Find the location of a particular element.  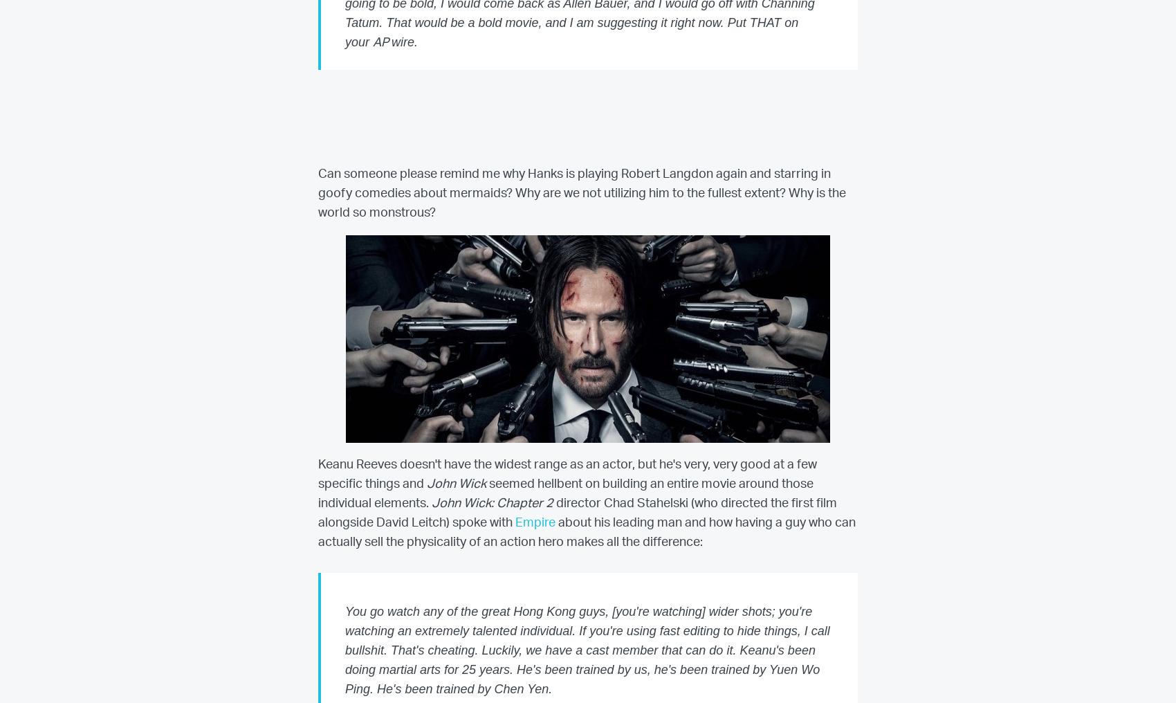

'Can someone please remind me why Hanks is playing Robert Langdon again and starring in goofy comedies about mermaids? Why are we not utilizing him to the fullest extent? Why is the world so monstrous?' is located at coordinates (581, 193).